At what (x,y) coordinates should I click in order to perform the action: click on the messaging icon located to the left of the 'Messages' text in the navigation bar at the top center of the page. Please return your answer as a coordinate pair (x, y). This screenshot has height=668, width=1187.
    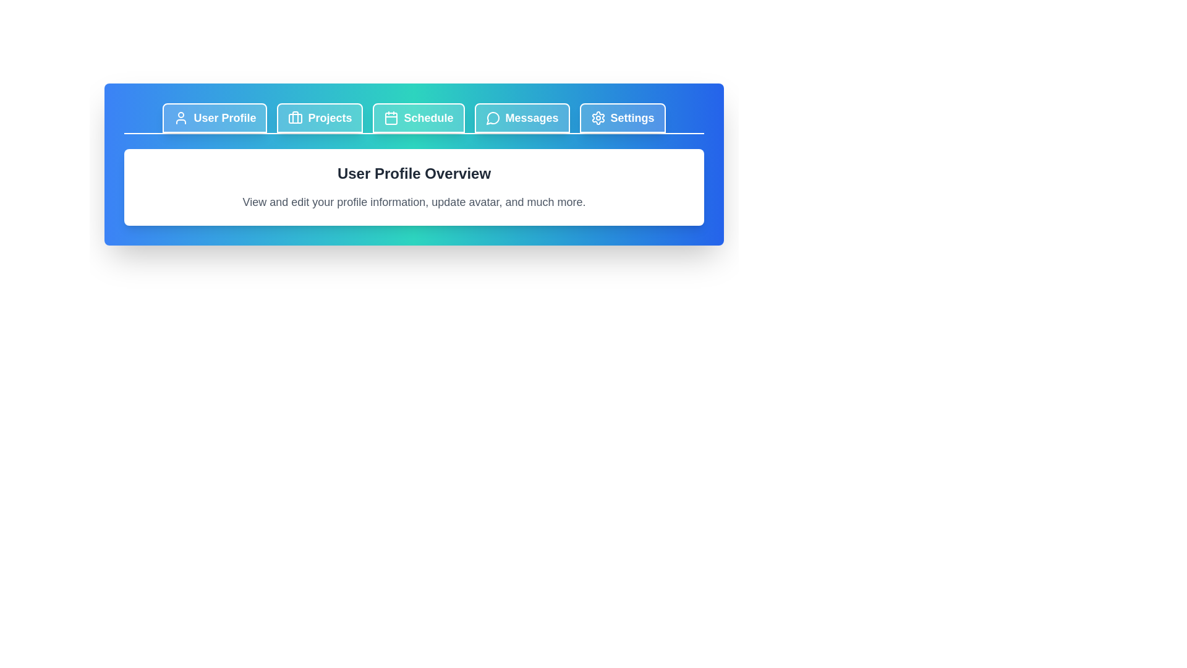
    Looking at the image, I should click on (492, 118).